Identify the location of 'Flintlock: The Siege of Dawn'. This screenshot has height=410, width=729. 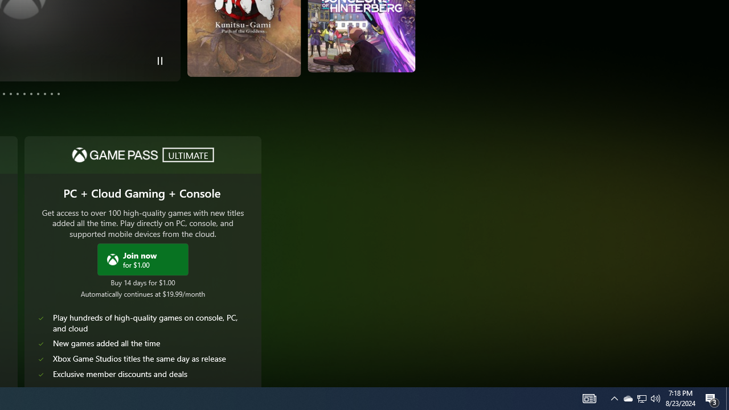
(380, 41).